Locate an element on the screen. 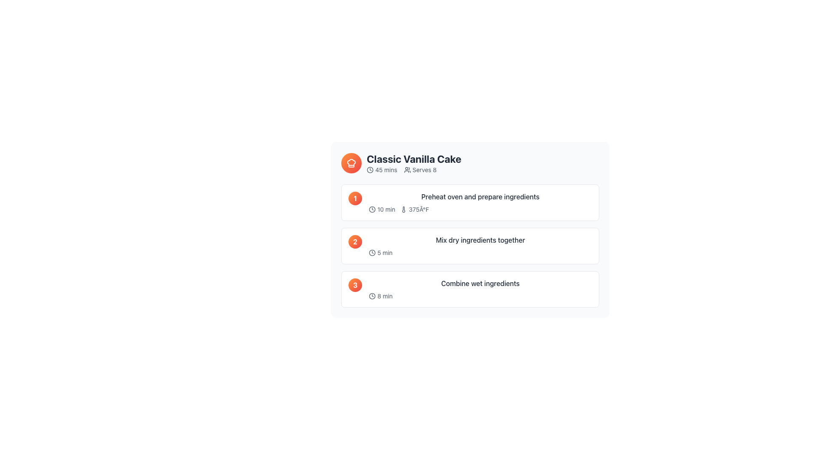  the icon representing a group of people, located to the left of the numeric text '8' in the 'Serves 8' group is located at coordinates (407, 170).